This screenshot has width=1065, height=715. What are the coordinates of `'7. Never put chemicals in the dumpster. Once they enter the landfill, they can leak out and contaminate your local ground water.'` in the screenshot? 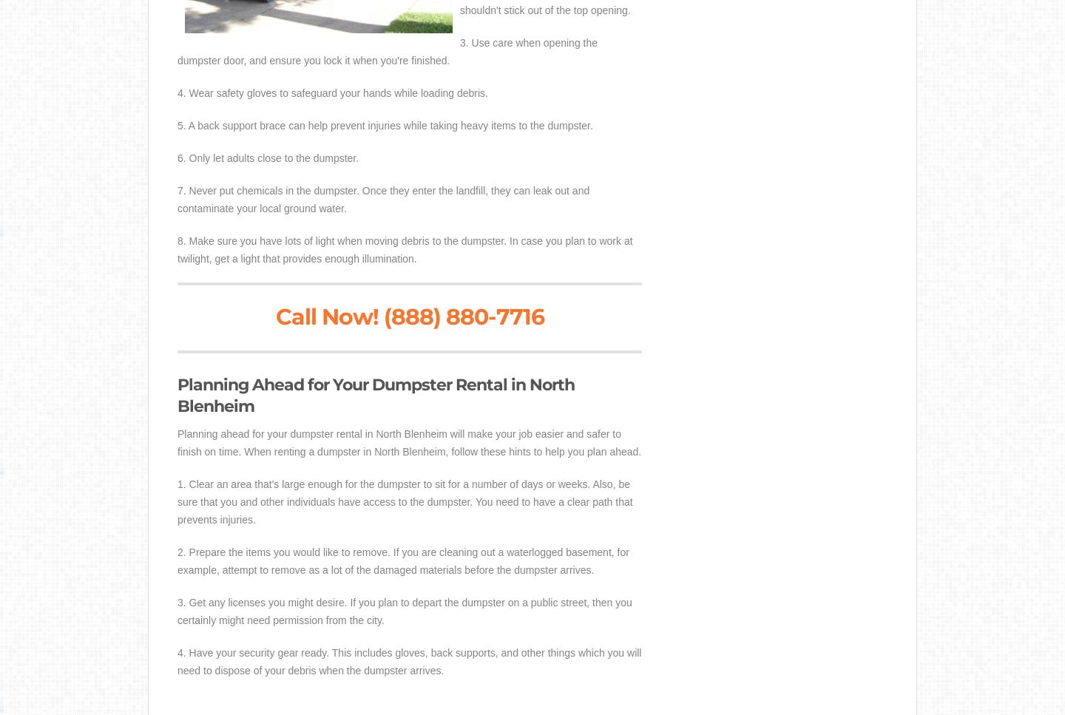 It's located at (177, 198).